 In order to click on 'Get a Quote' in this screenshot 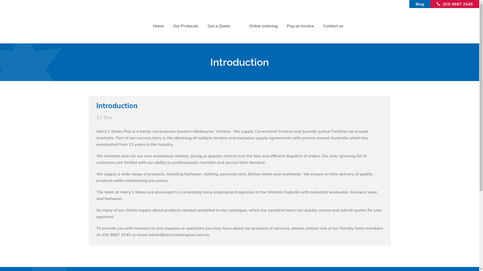, I will do `click(219, 26)`.